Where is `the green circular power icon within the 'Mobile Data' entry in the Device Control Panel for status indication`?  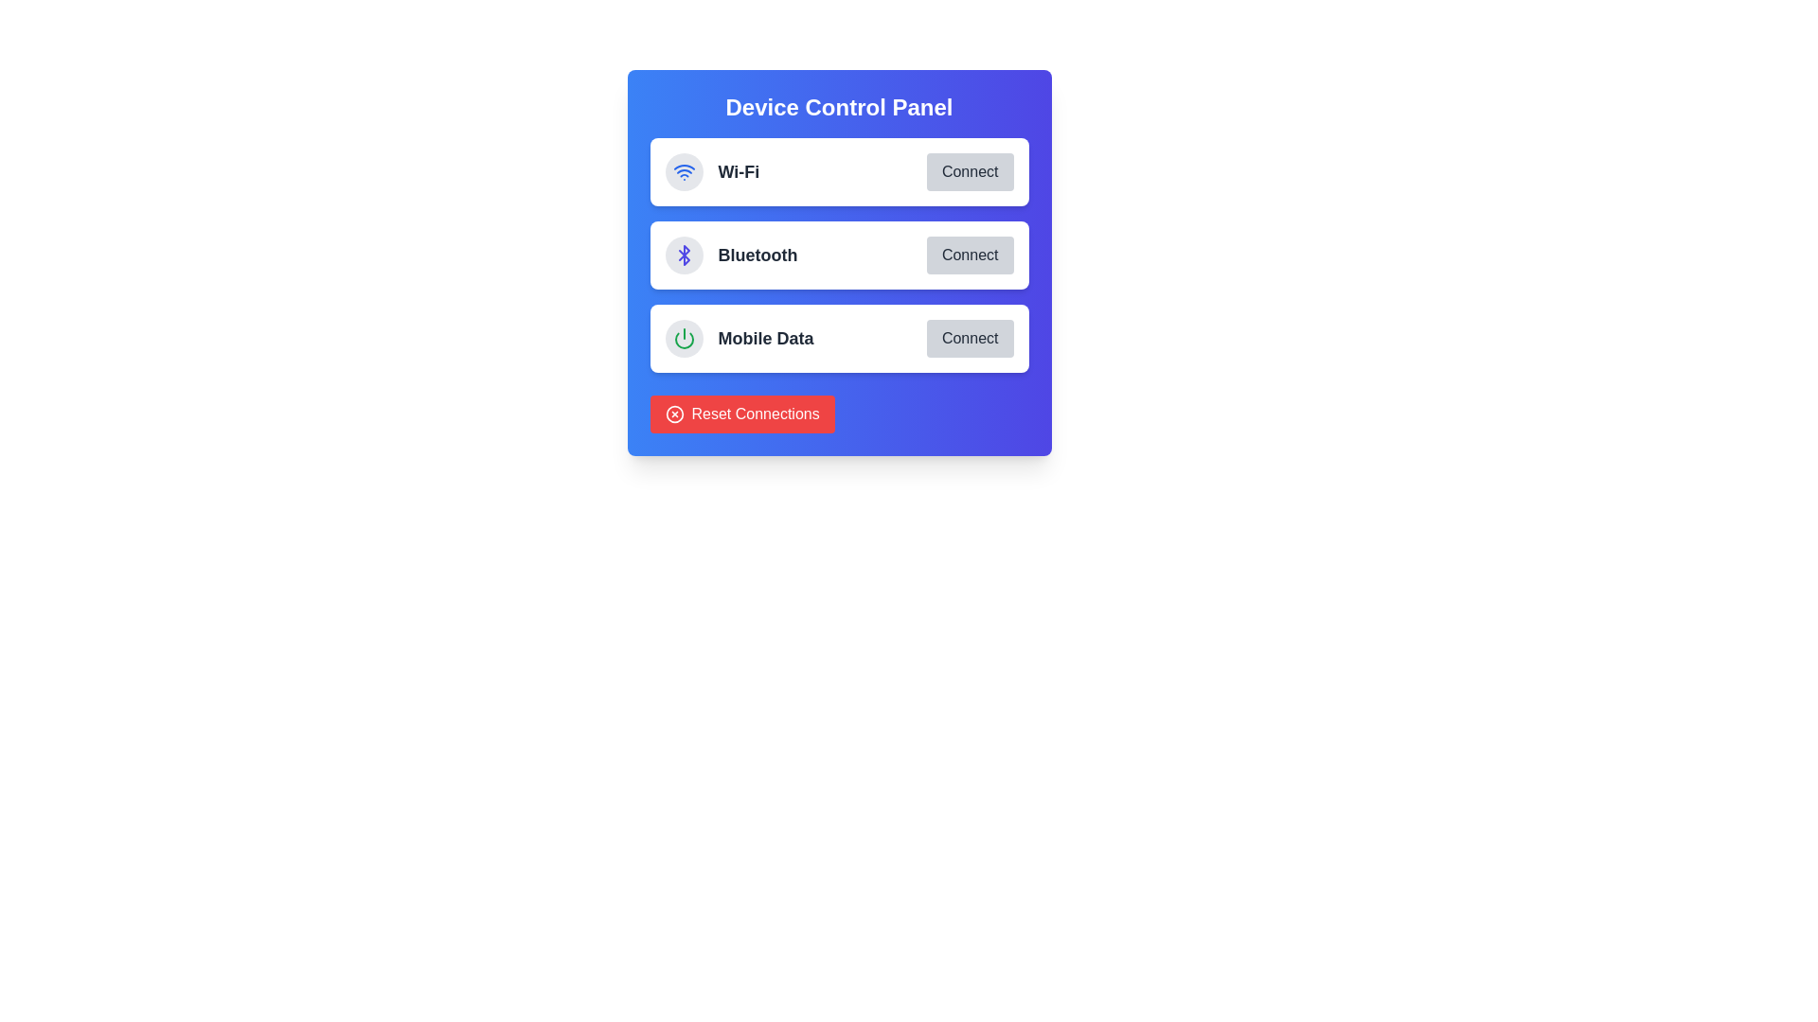 the green circular power icon within the 'Mobile Data' entry in the Device Control Panel for status indication is located at coordinates (683, 338).